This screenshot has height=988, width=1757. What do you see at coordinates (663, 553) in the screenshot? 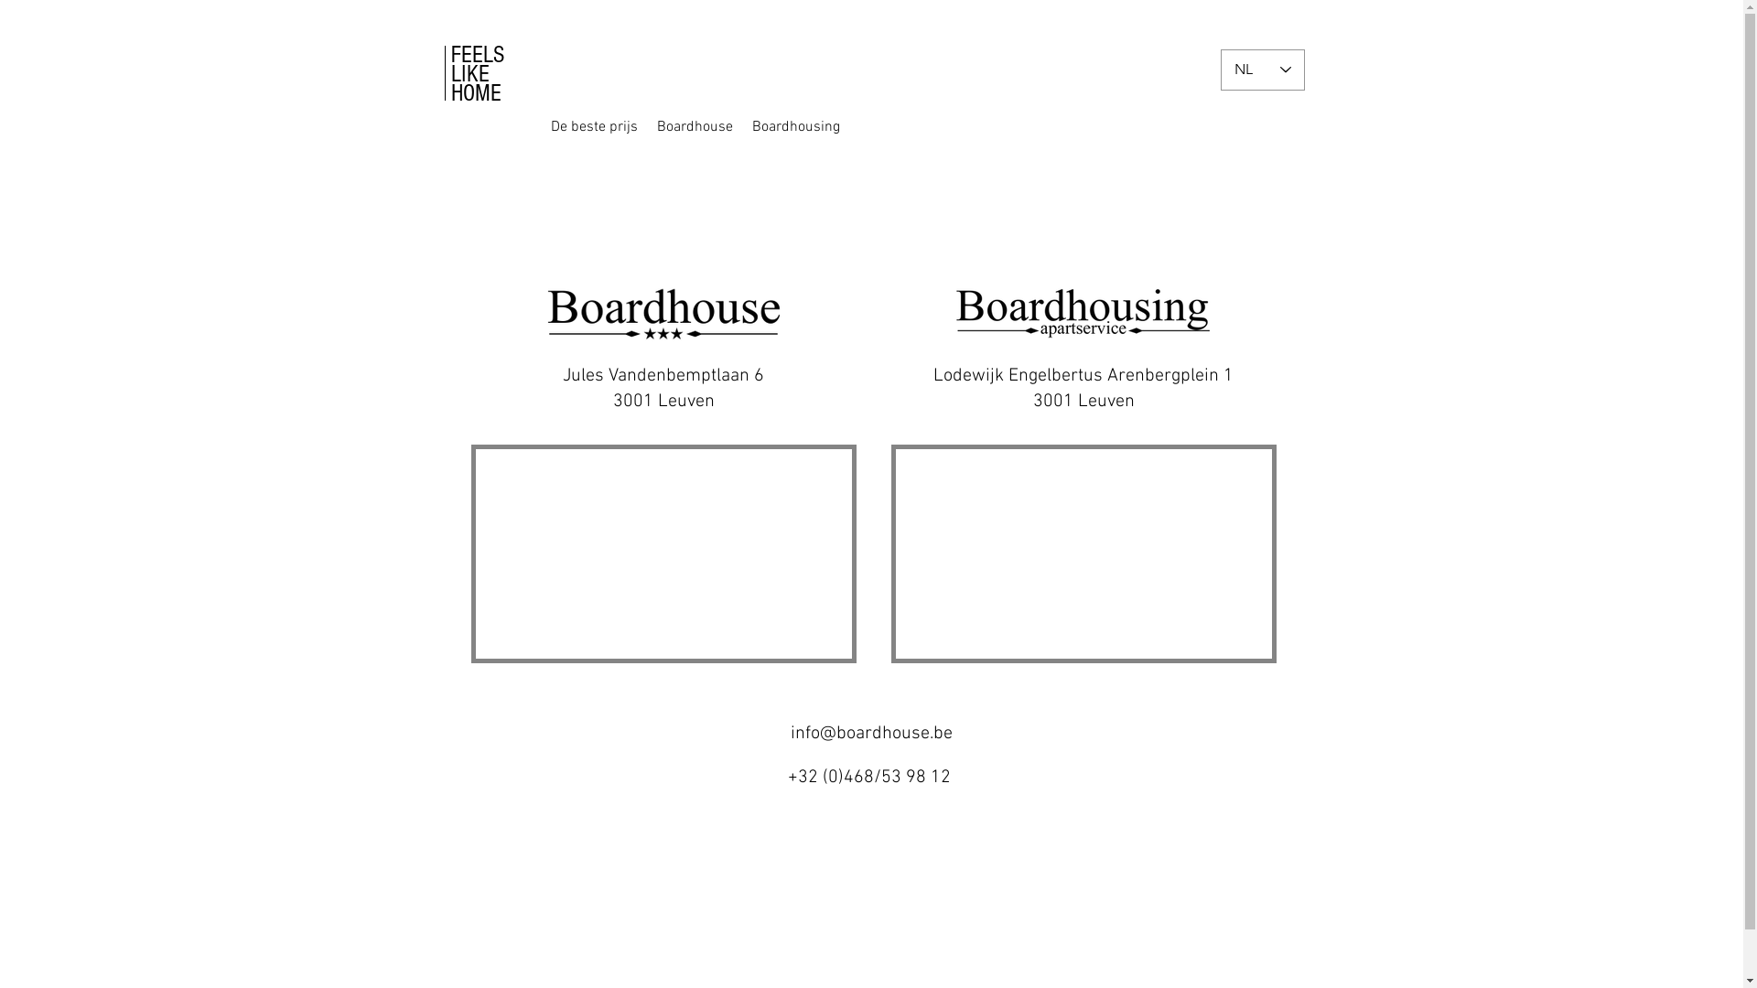
I see `'Google Maps'` at bounding box center [663, 553].